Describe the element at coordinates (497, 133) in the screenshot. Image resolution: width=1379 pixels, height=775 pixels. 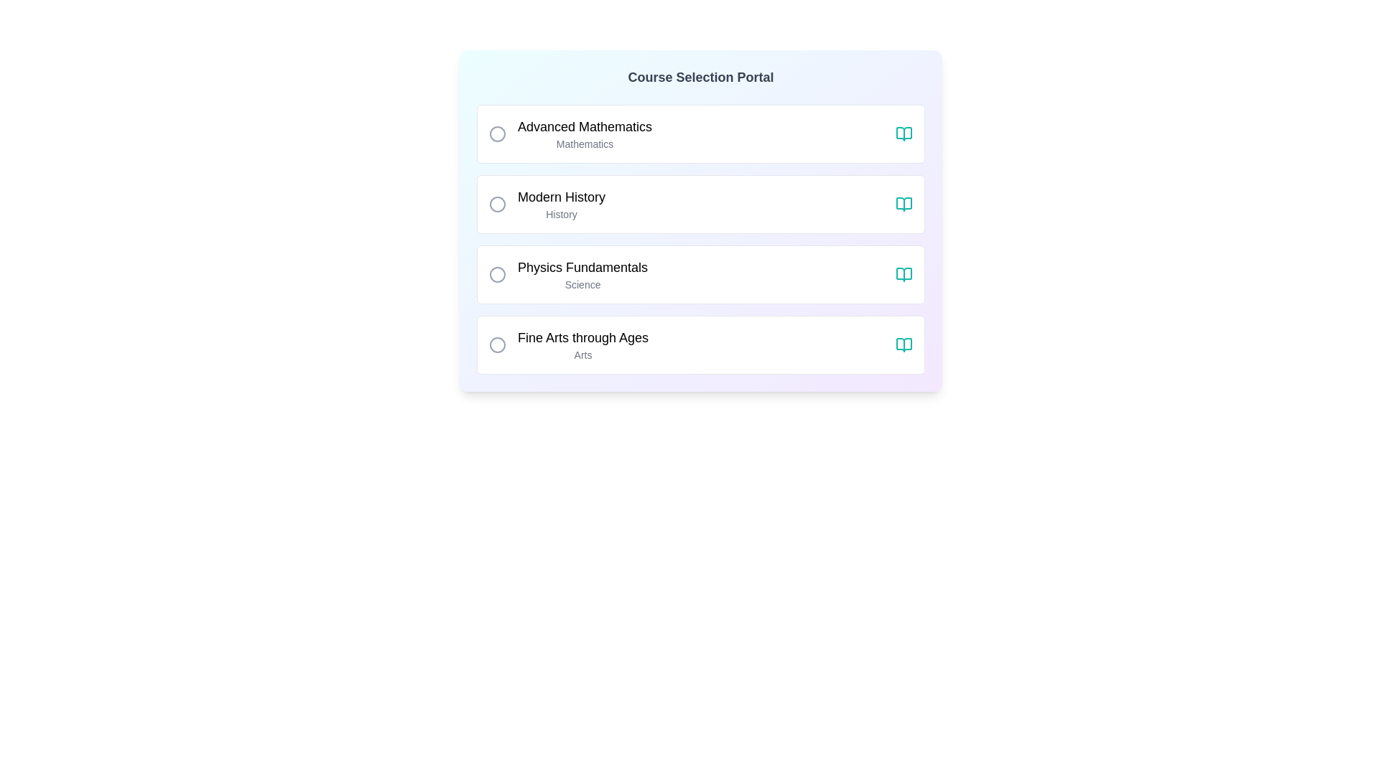
I see `the radio button for 'Advanced Mathematics' using keyboard navigation` at that location.